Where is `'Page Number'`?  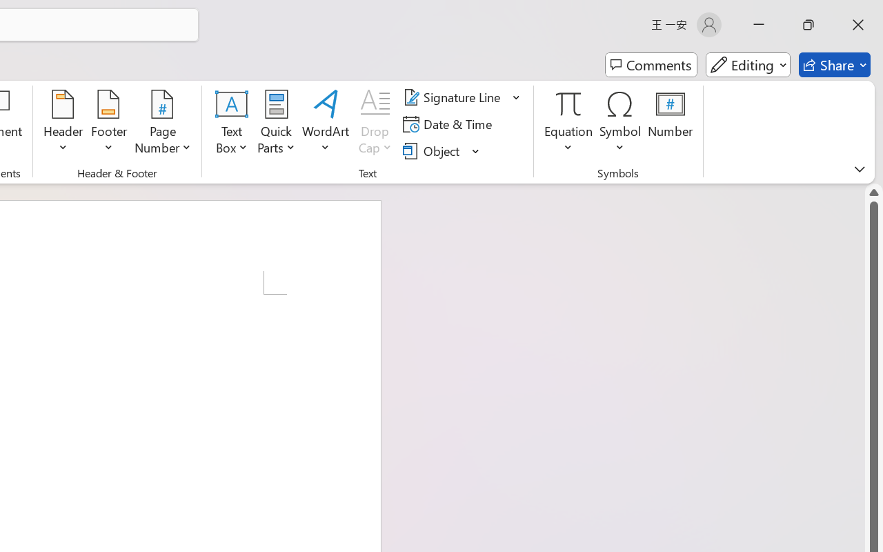 'Page Number' is located at coordinates (163, 124).